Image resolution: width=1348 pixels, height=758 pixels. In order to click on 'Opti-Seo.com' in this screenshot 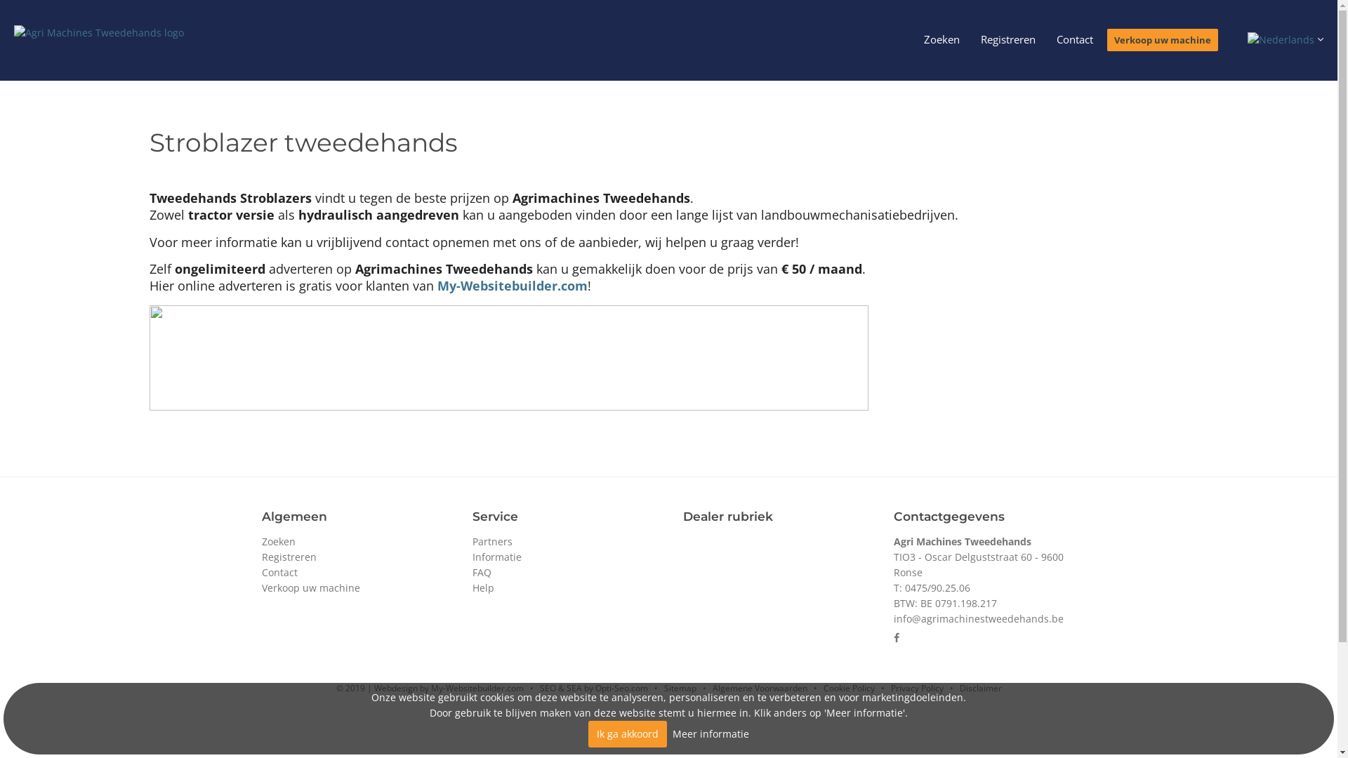, I will do `click(621, 687)`.